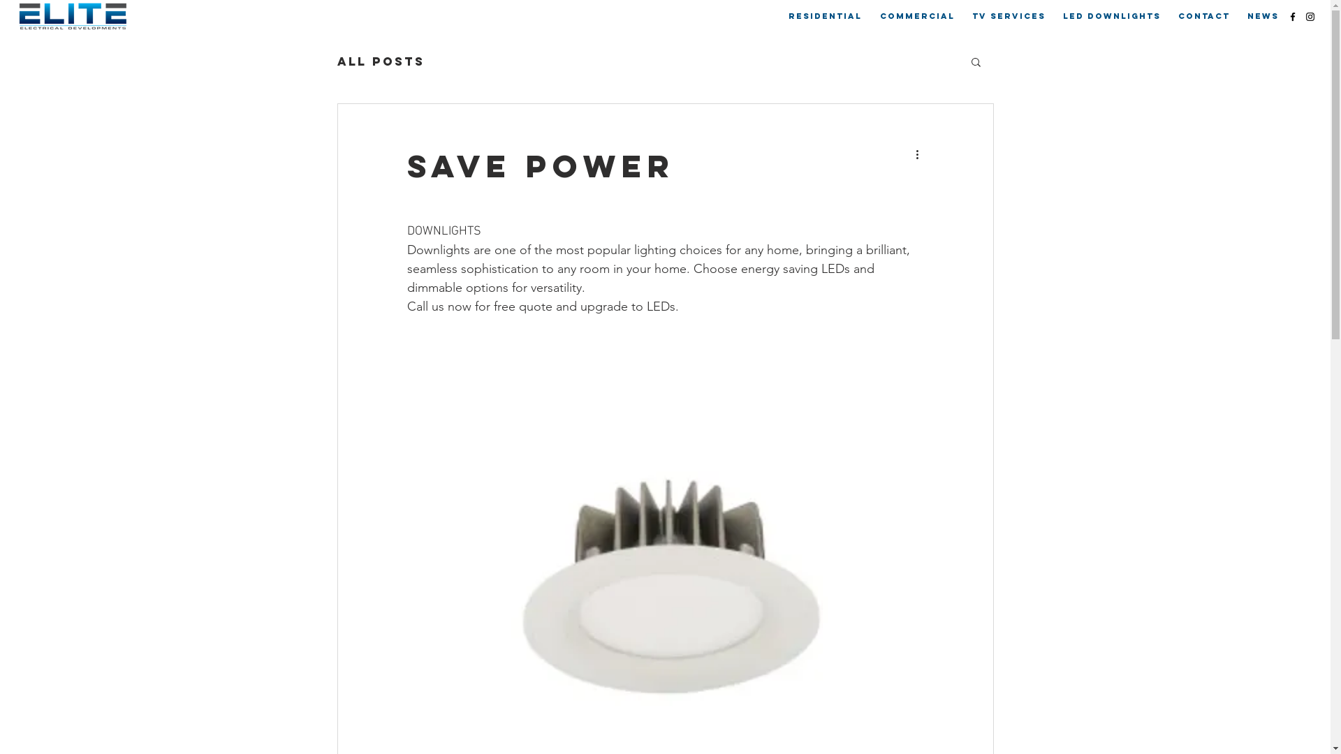  I want to click on 'COMMERCIAL', so click(870, 16).